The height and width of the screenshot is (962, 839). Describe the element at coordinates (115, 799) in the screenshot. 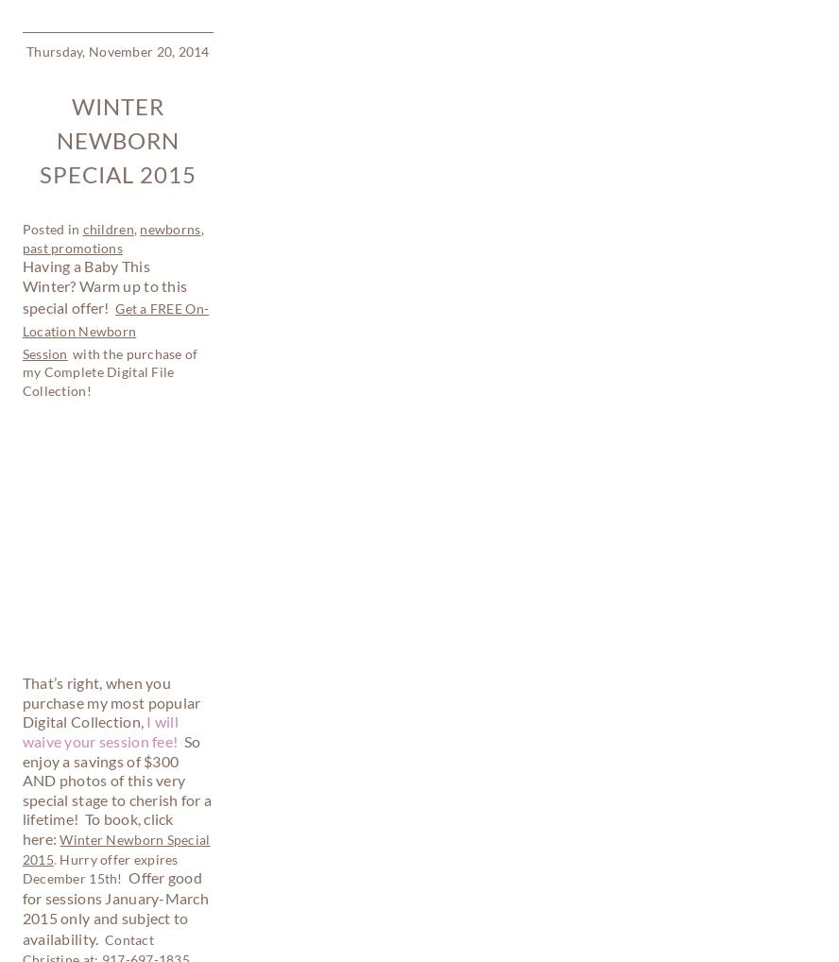

I see `'Book a full outdoor children’s session in April or May,'` at that location.